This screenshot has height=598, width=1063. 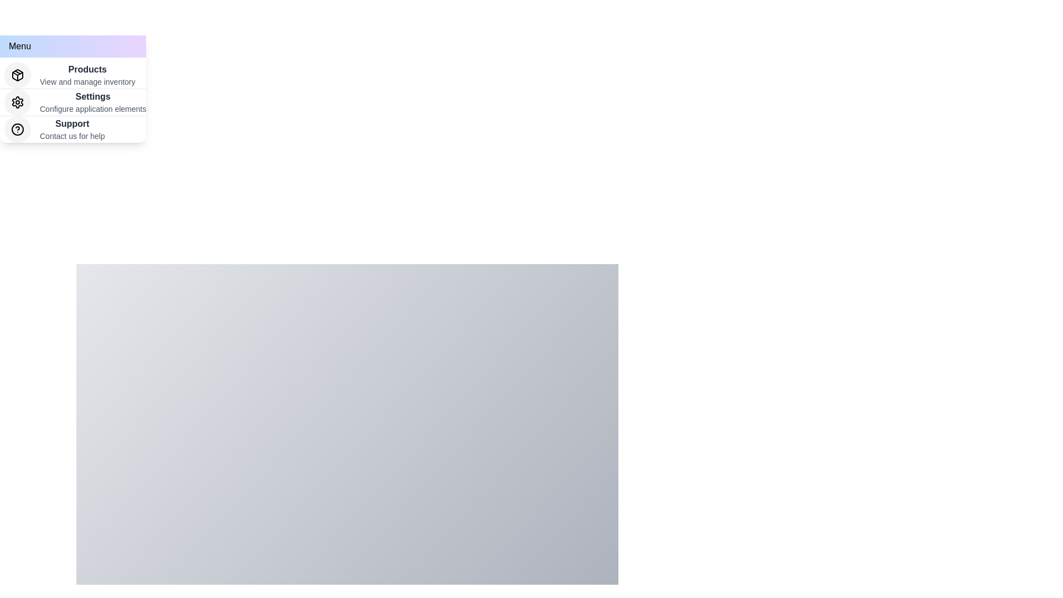 I want to click on the menu item labeled 'Support' to highlight it, so click(x=73, y=129).